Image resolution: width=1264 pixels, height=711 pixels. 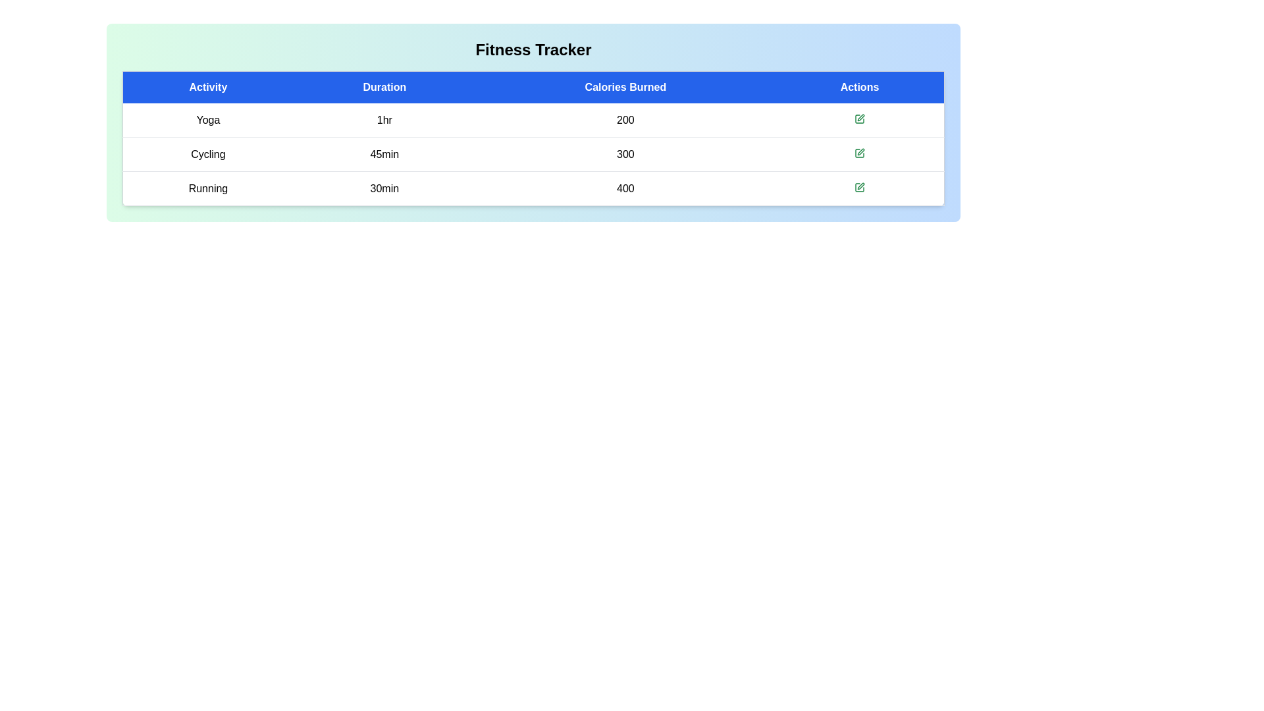 I want to click on the column header Actions to sort or interact with it, so click(x=859, y=86).